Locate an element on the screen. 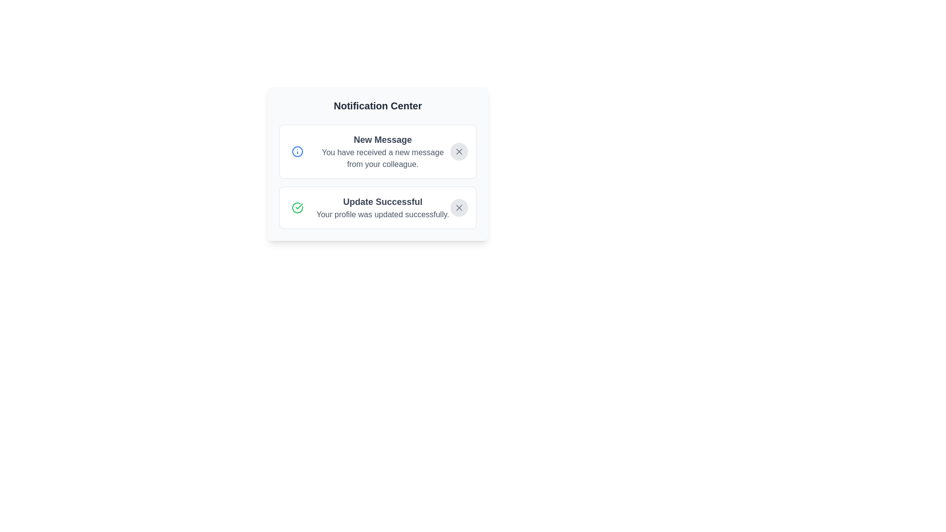 The height and width of the screenshot is (532, 946). the dismiss button for the notification titled 'Update Successful' is located at coordinates (458, 207).